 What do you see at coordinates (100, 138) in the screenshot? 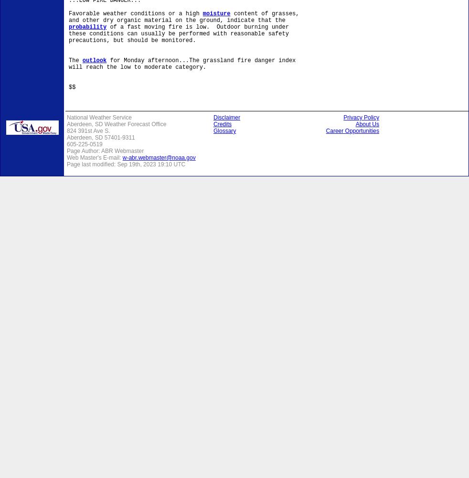
I see `'Aberdeen, SD  57401-9311'` at bounding box center [100, 138].